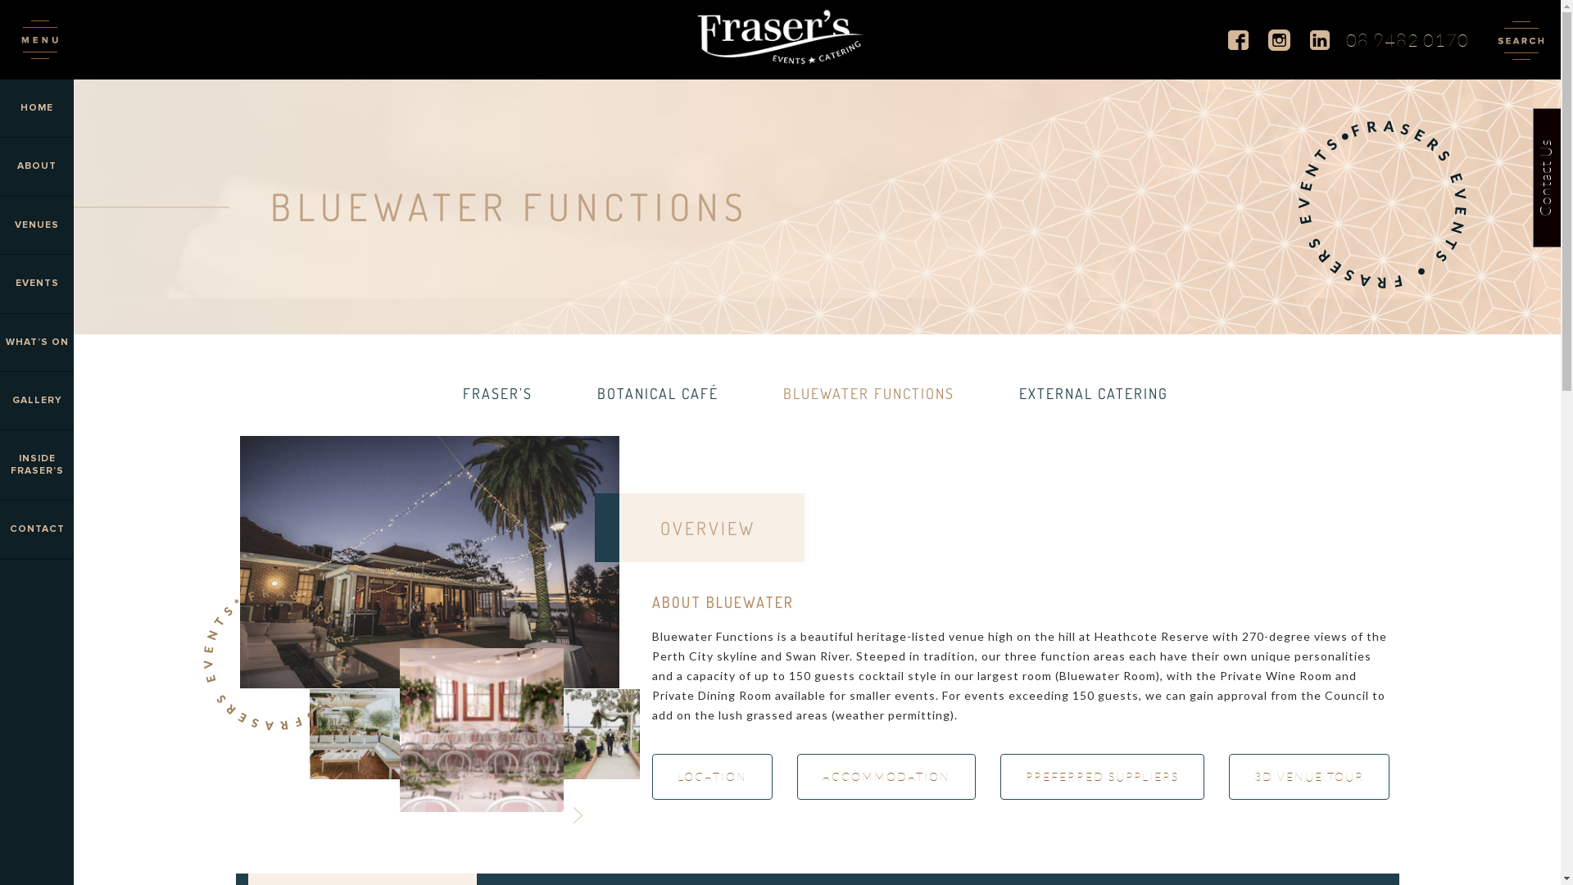  I want to click on 'ABOUT', so click(0, 166).